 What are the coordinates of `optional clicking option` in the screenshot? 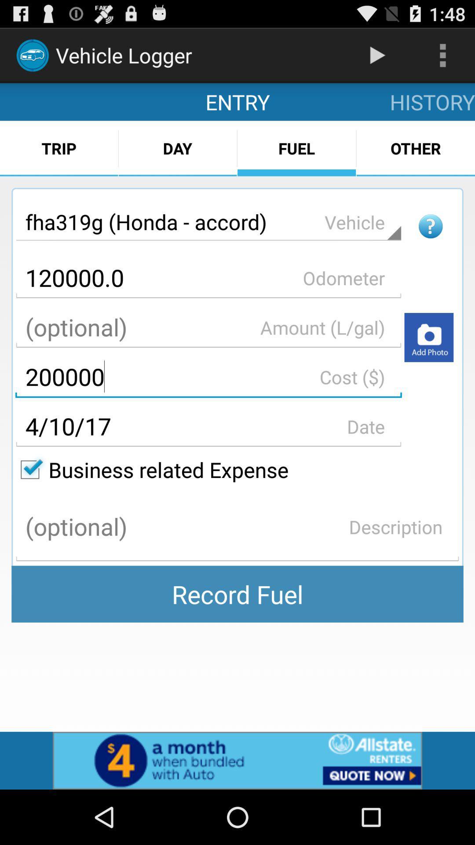 It's located at (208, 327).